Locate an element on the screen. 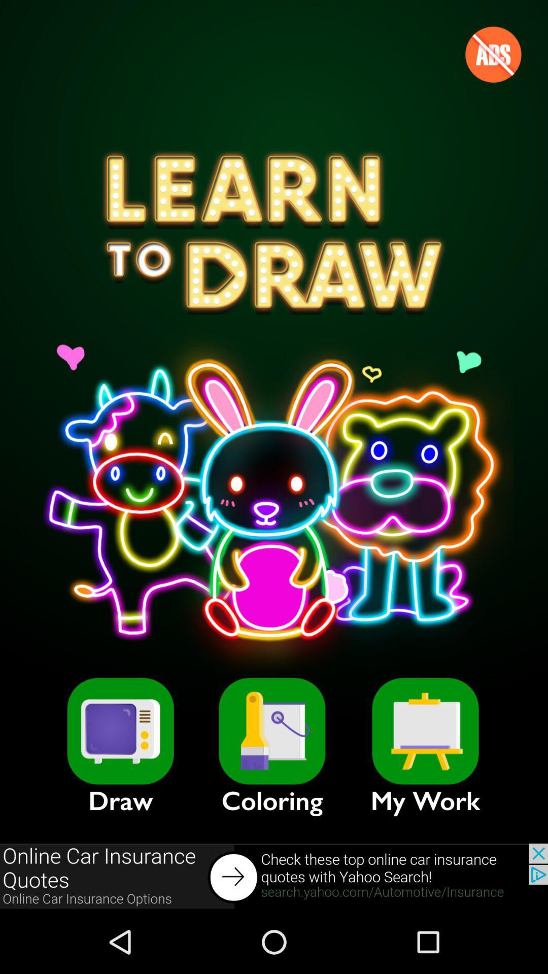 Image resolution: width=548 pixels, height=974 pixels. icon below the draw item is located at coordinates (274, 876).